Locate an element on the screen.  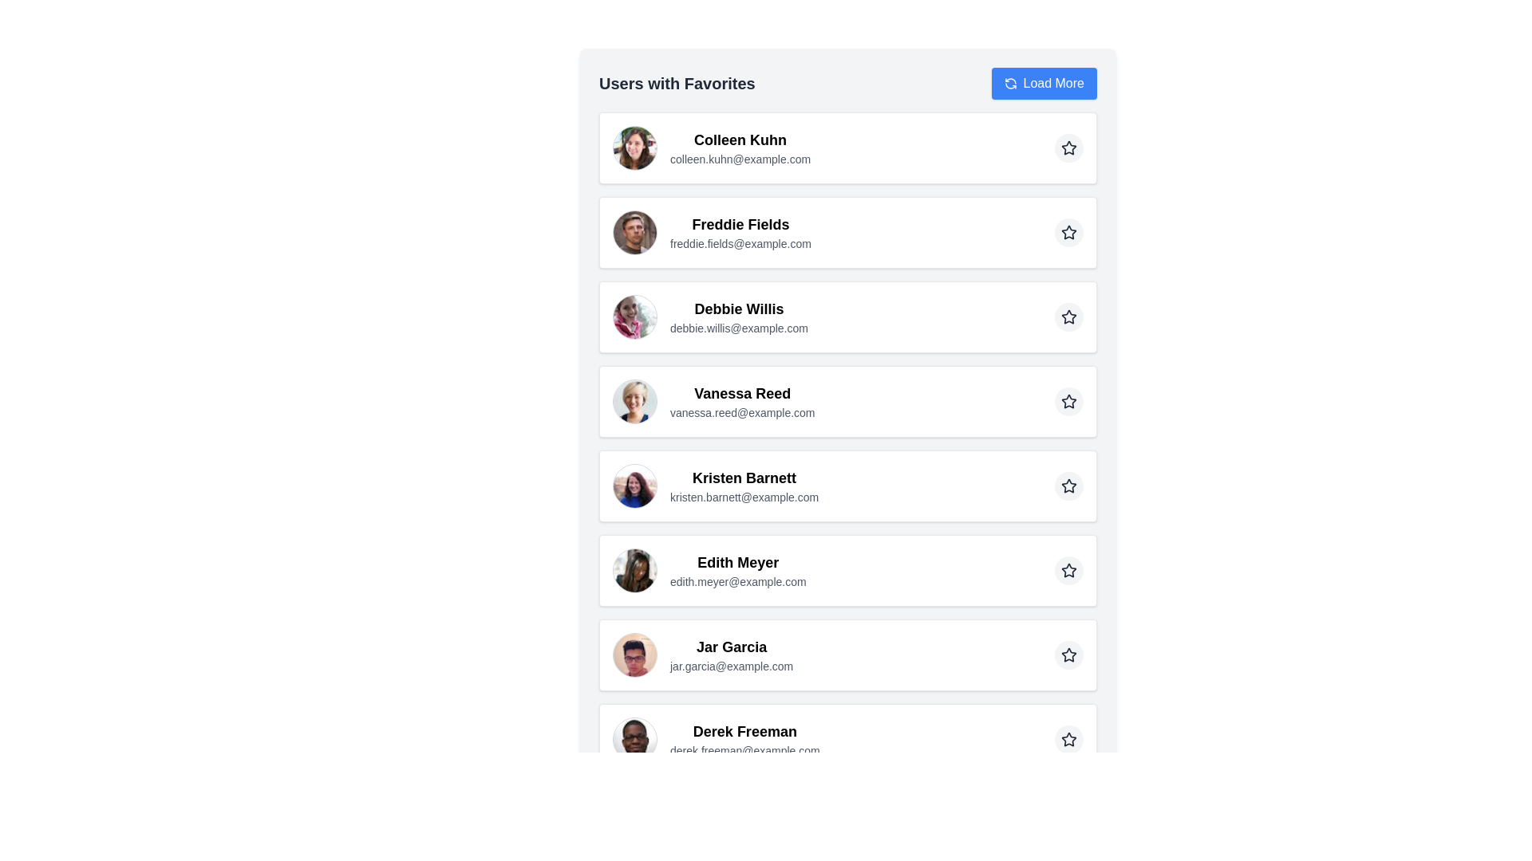
the text label displaying an email address, which is styled in a small gray font and located below the name 'Debbie Willis' in the 'Users with Favorites' section is located at coordinates (738, 328).